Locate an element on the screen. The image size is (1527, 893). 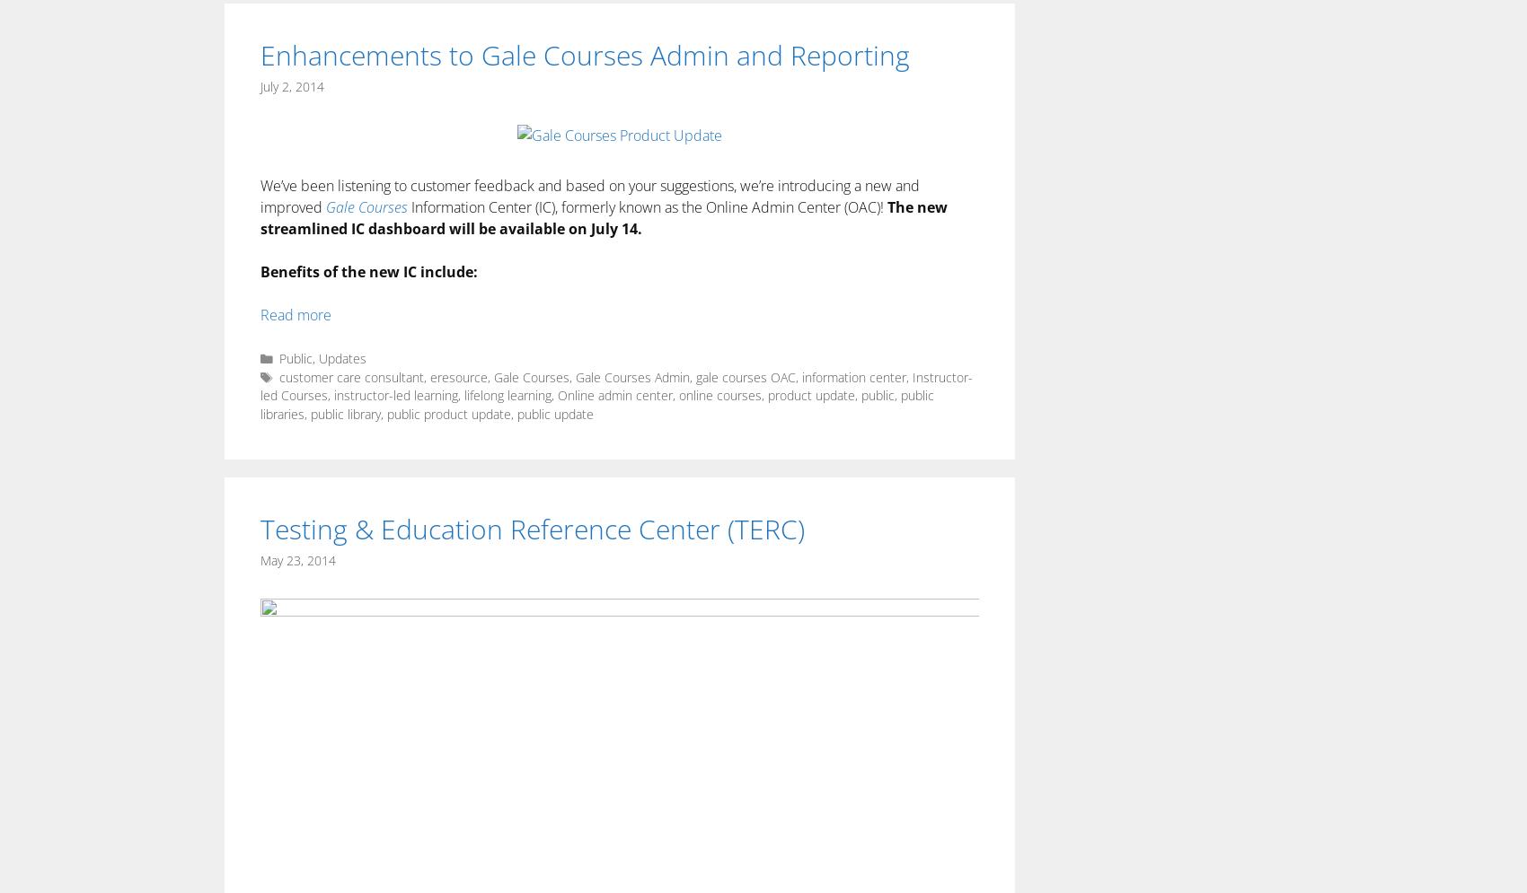
'eresource' is located at coordinates (430, 376).